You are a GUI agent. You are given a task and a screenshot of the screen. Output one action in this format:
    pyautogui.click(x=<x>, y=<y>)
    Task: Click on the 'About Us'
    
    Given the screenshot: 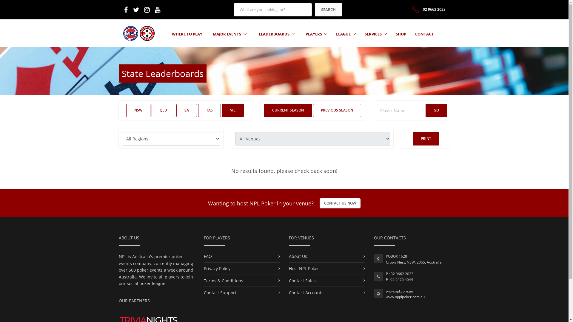 What is the action you would take?
    pyautogui.click(x=298, y=256)
    